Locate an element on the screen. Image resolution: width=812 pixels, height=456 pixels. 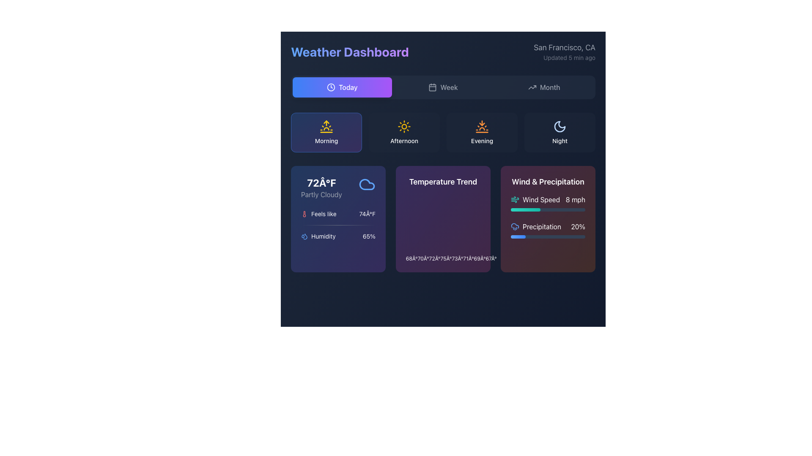
the Informational card titled 'Wind & Precipitation', which is located in the bottom-right corner of the layout, specifically as the third card in a series of three cards is located at coordinates (548, 219).